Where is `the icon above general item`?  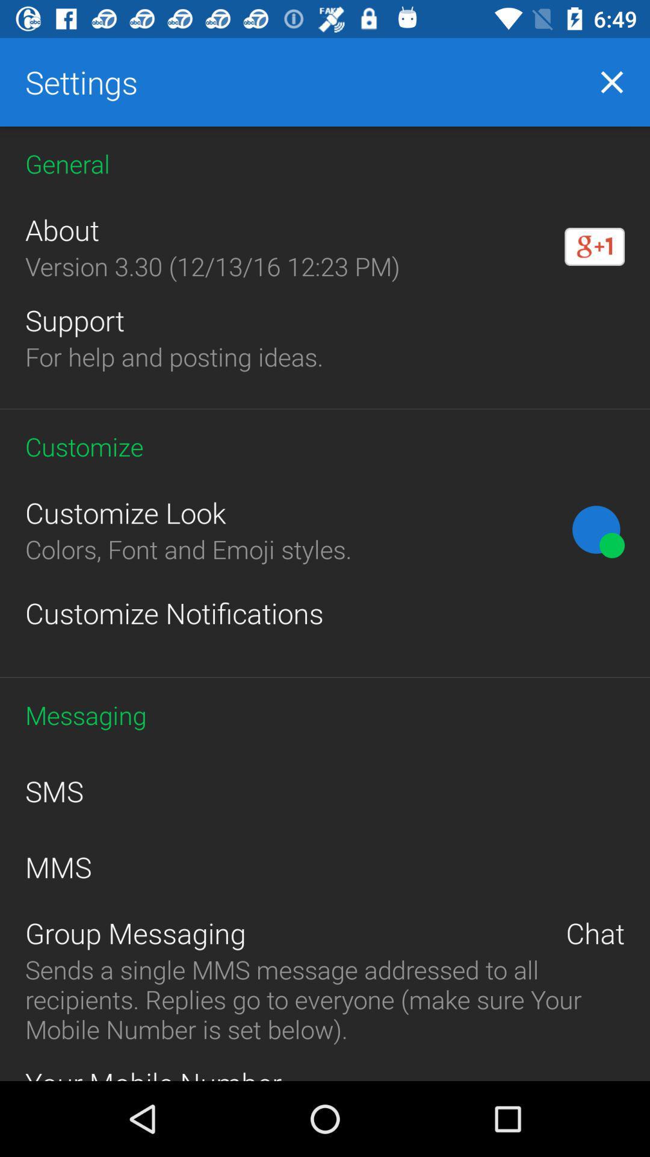 the icon above general item is located at coordinates (612, 81).